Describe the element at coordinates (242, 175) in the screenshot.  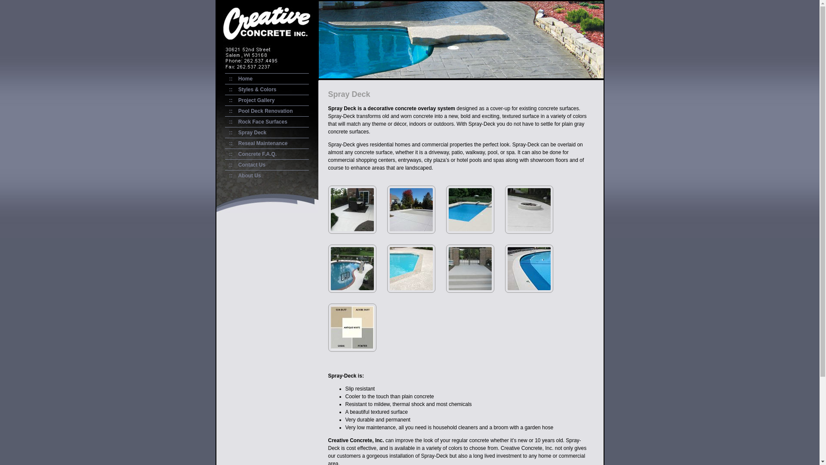
I see `'::    About Us'` at that location.